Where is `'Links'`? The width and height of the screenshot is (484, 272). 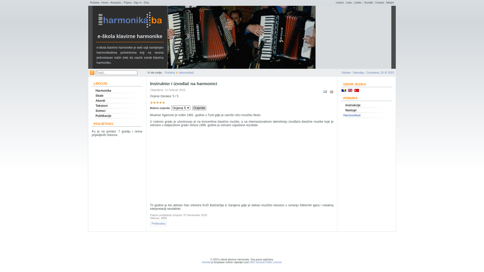
'Links' is located at coordinates (348, 3).